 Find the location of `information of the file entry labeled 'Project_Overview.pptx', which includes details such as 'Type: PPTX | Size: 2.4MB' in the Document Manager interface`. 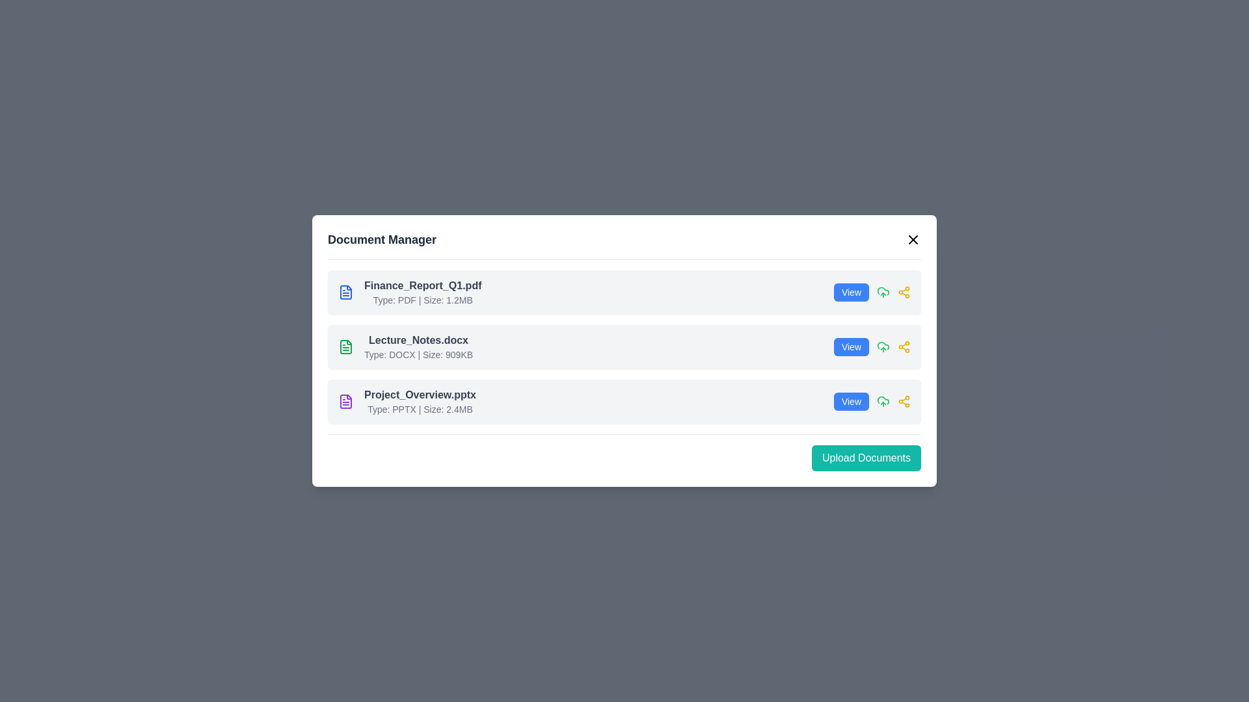

information of the file entry labeled 'Project_Overview.pptx', which includes details such as 'Type: PPTX | Size: 2.4MB' in the Document Manager interface is located at coordinates (406, 400).